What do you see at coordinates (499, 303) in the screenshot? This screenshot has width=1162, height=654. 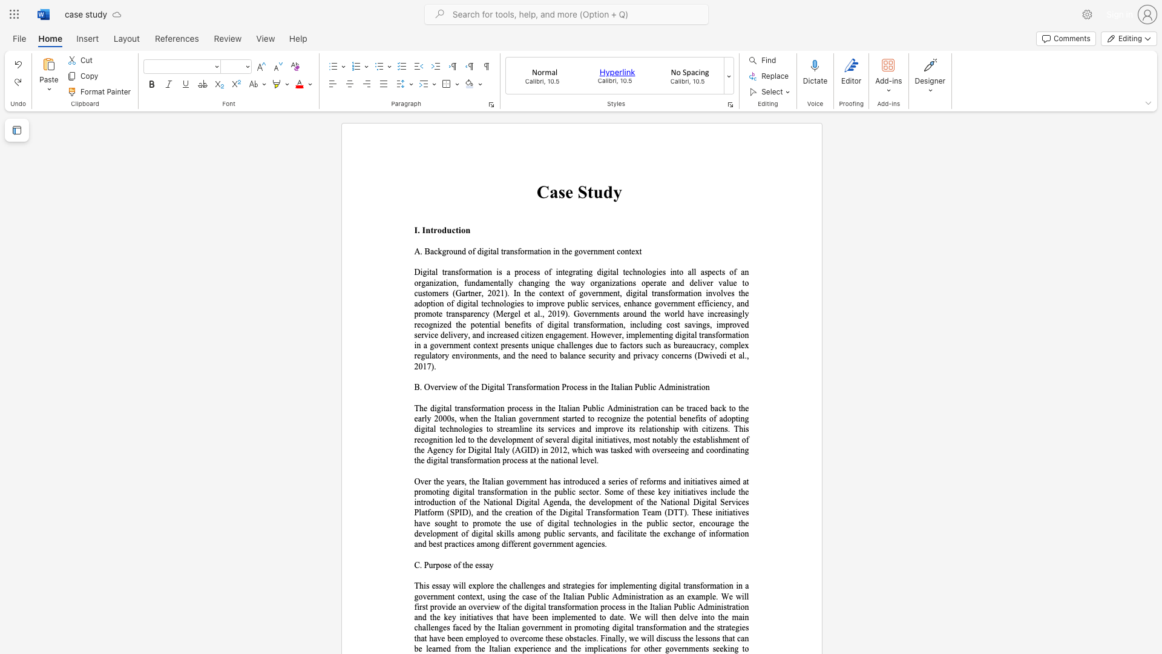 I see `the subset text "ologies to improve public services, enhance government efficiency, and promote transparency (Mergel et al., 2019)" within the text "Digital transformation is a process of integrating digital technologies into all aspects of an organization, fundamentally changing the way organizations operate and deliver value to customers (Gartner, 2021). In the context of government, digital transformation involves the adoption of digital technologies to improve public services, enhance government efficiency, and promote transparency (Mergel et al., 2019). Governments around the world have increasingly recognized the potential benefits of digital tran"` at bounding box center [499, 303].